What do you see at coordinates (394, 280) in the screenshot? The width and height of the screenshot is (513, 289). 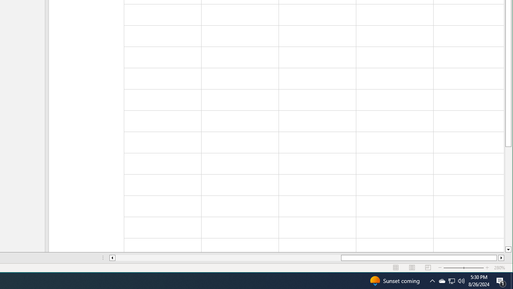 I see `'Sunset coming'` at bounding box center [394, 280].